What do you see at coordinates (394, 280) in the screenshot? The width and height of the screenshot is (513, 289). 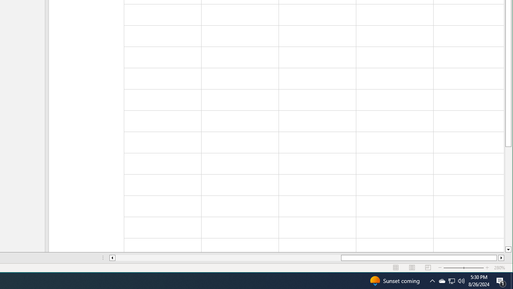 I see `'Sunset coming'` at bounding box center [394, 280].